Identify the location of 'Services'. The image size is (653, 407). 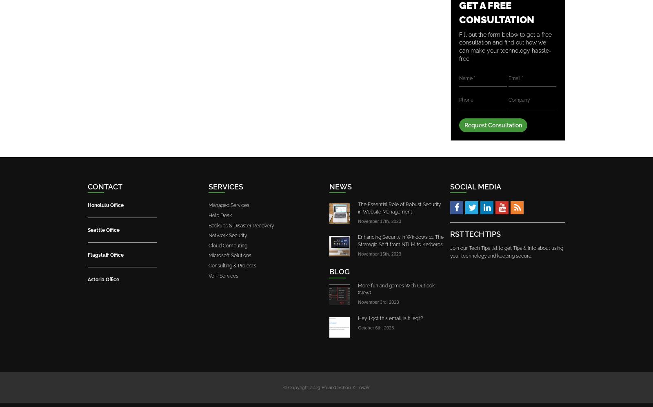
(208, 187).